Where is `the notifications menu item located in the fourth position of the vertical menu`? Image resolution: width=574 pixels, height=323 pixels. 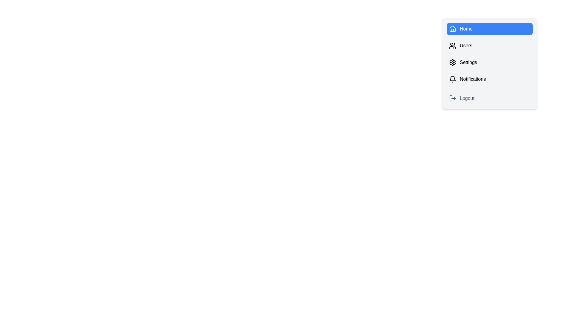 the notifications menu item located in the fourth position of the vertical menu is located at coordinates (489, 79).